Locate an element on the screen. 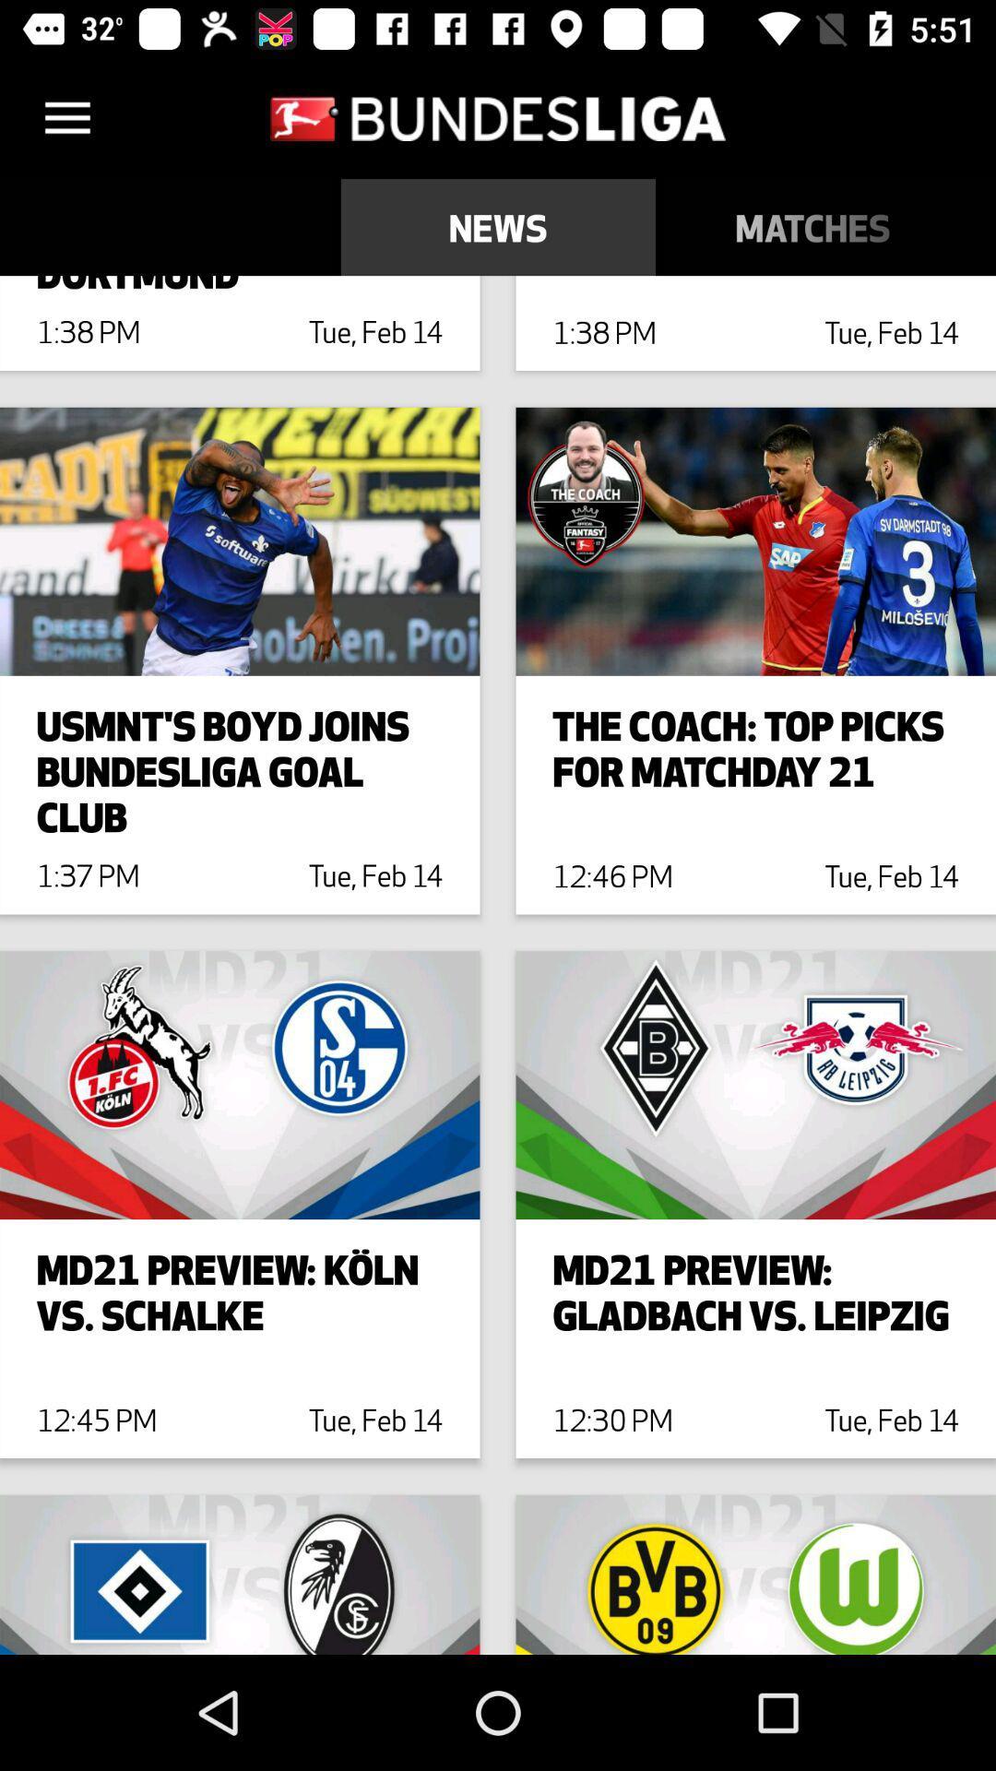  icon above dembele indespensible to is located at coordinates (498, 226).